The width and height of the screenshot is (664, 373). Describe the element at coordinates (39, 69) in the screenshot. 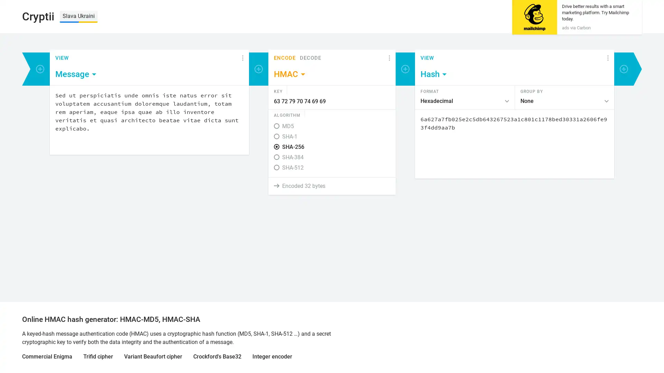

I see `Add encoder or viewer` at that location.